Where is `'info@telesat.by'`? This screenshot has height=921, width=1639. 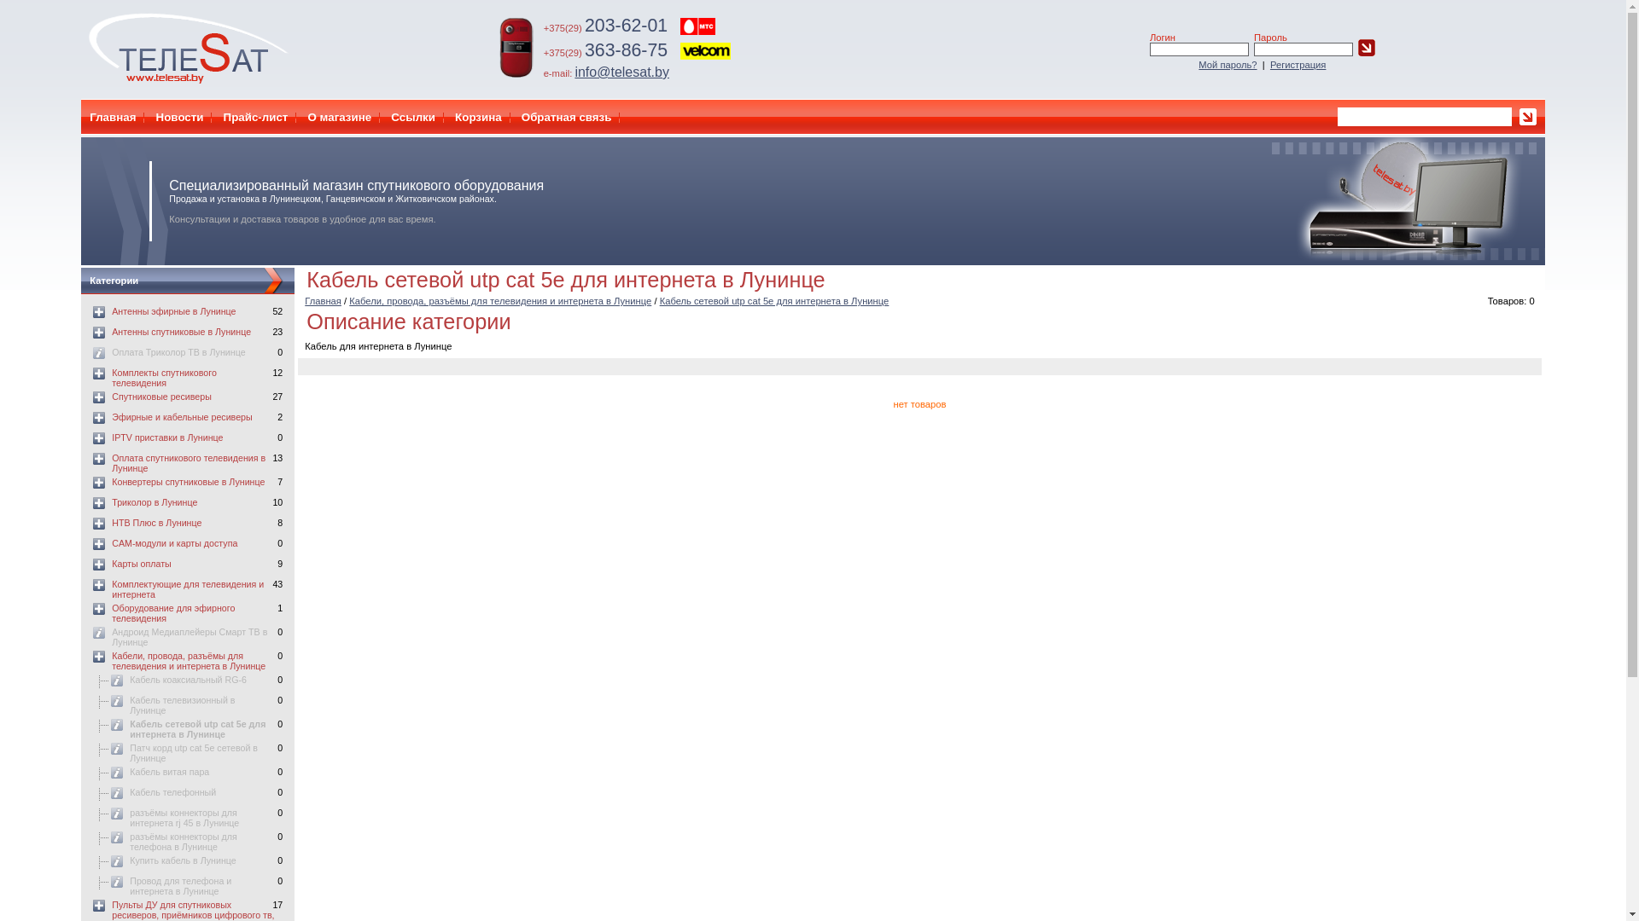
'info@telesat.by' is located at coordinates (621, 71).